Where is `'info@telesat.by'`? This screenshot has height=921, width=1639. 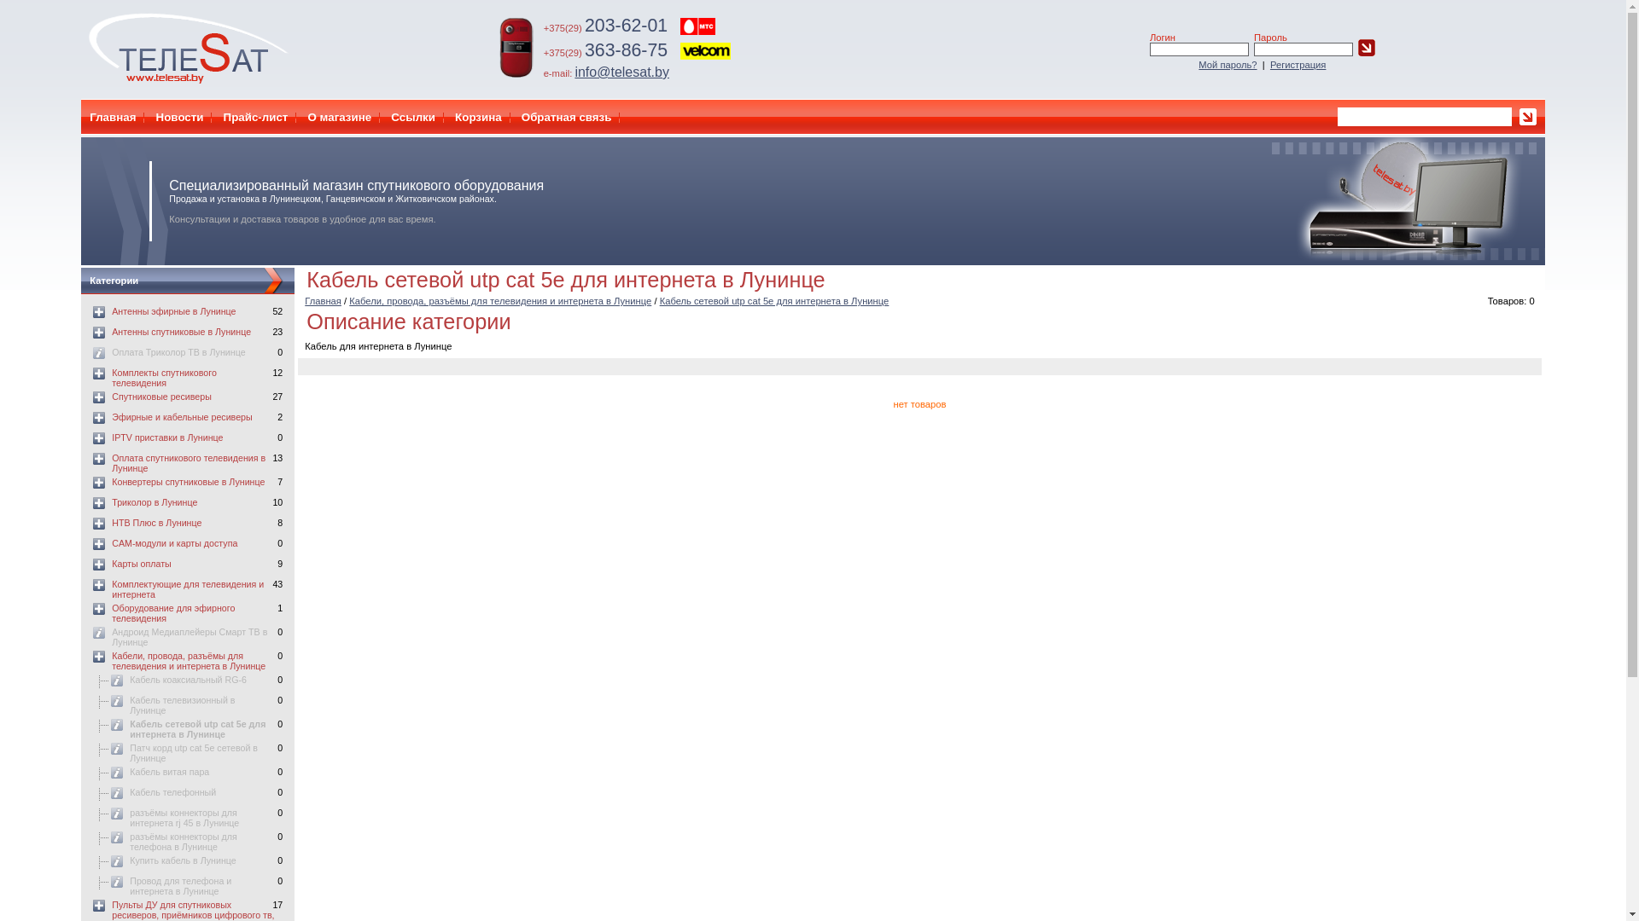
'info@telesat.by' is located at coordinates (621, 71).